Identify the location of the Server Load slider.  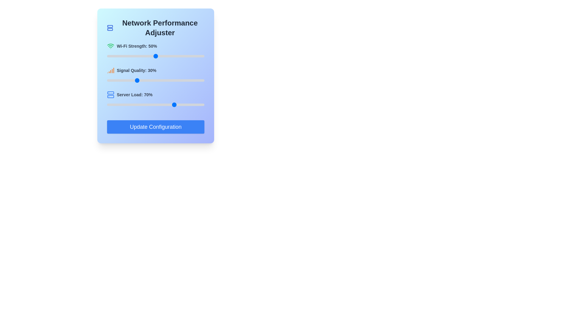
(138, 104).